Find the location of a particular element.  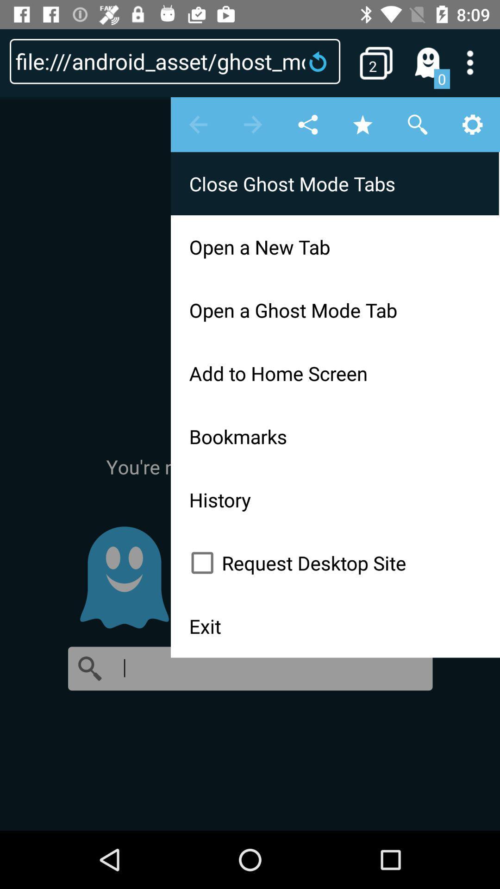

the file android_asset ghost_mode icon is located at coordinates (175, 61).